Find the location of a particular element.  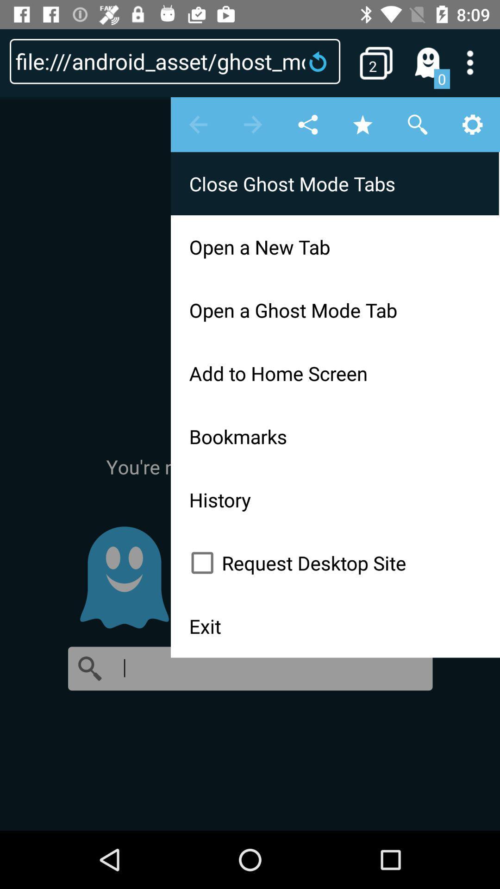

the file android_asset ghost_mode icon is located at coordinates (175, 61).